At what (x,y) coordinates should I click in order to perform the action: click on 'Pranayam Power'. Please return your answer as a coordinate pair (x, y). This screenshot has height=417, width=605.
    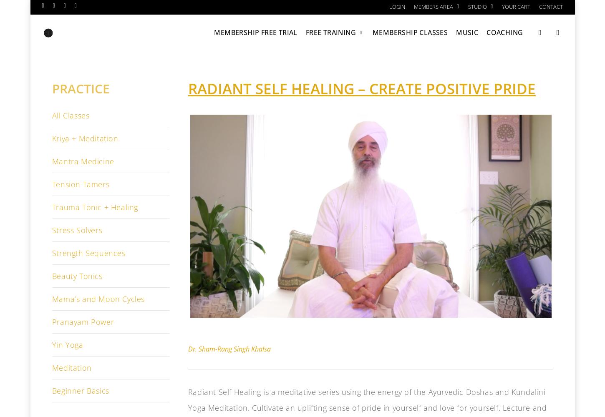
    Looking at the image, I should click on (82, 322).